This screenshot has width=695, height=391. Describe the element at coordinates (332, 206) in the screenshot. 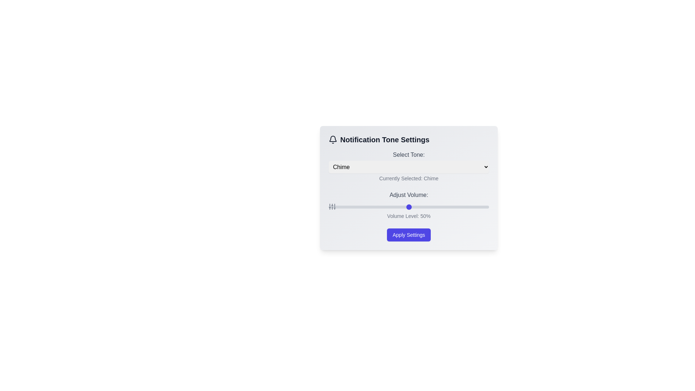

I see `the vertical sliders icon, which is styled in gray and positioned to the left of the horizontal slider labeled 'Volume Level: 50%'` at that location.